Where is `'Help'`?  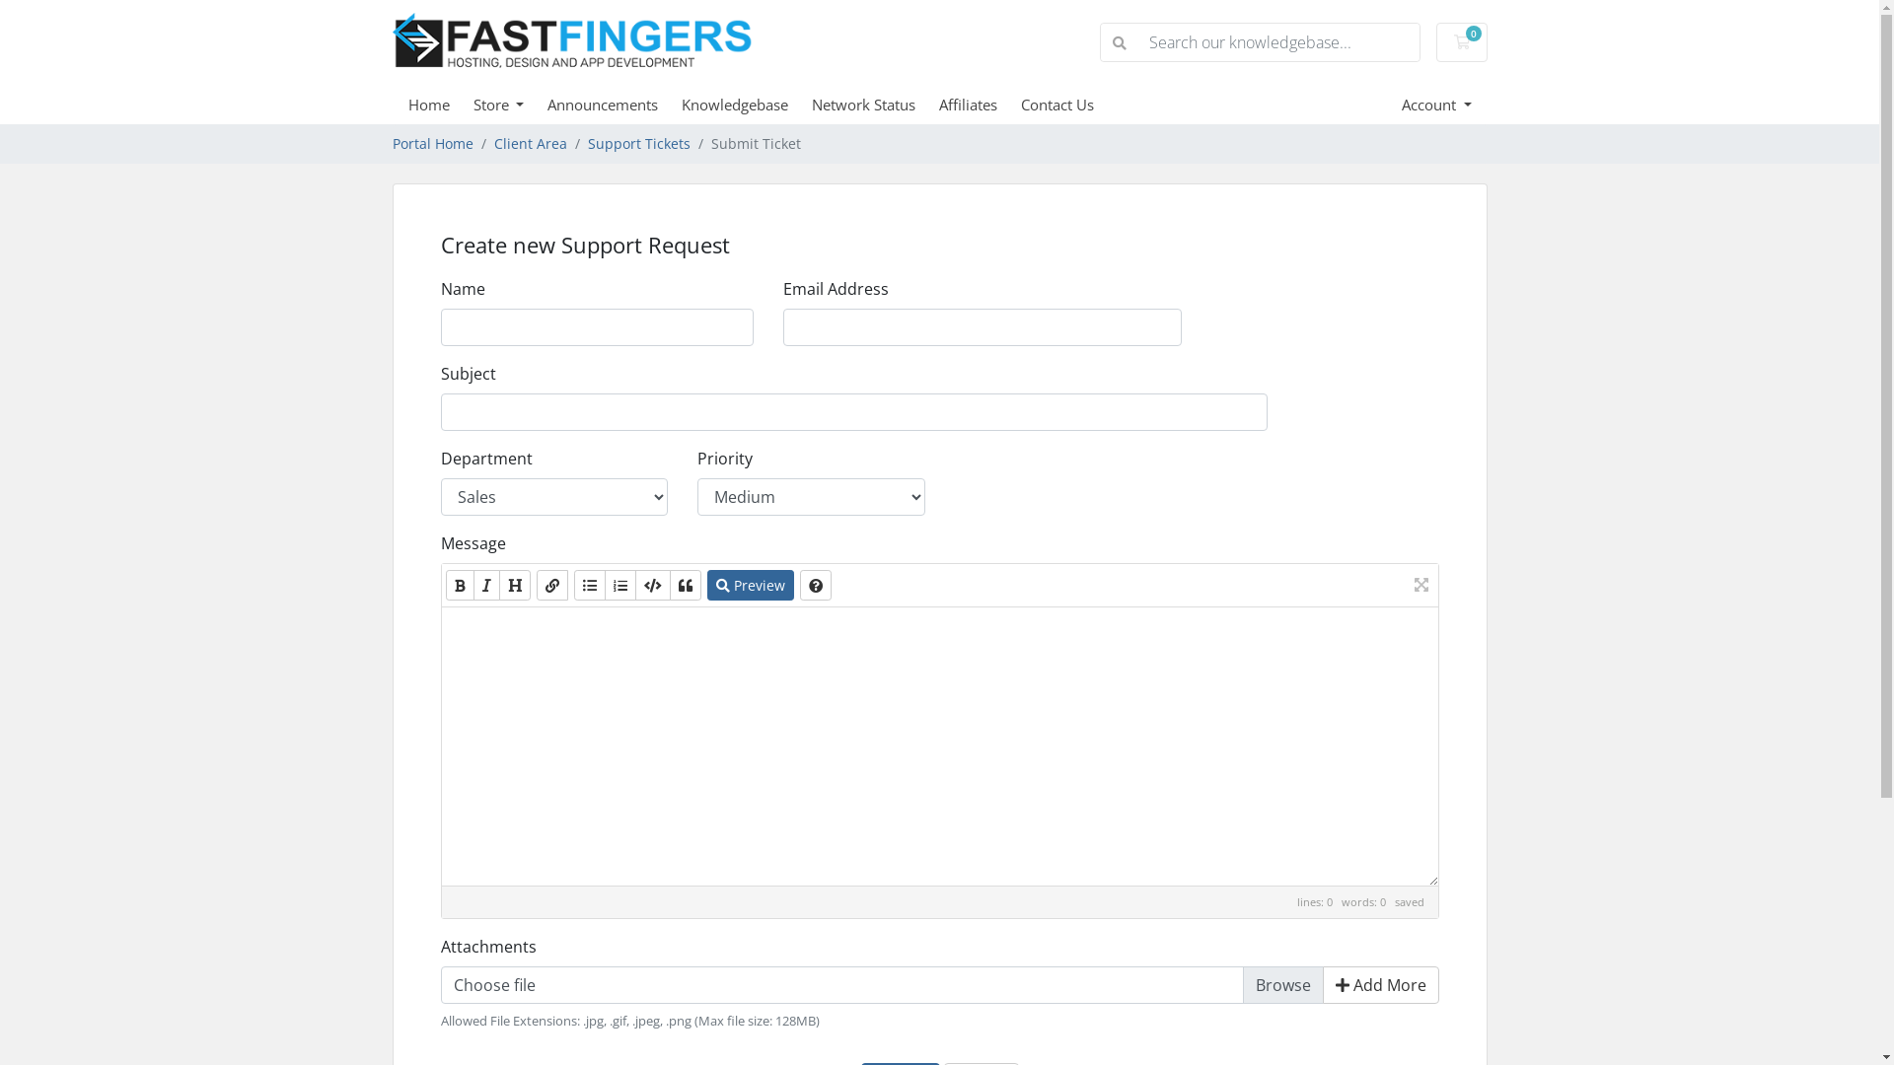 'Help' is located at coordinates (799, 584).